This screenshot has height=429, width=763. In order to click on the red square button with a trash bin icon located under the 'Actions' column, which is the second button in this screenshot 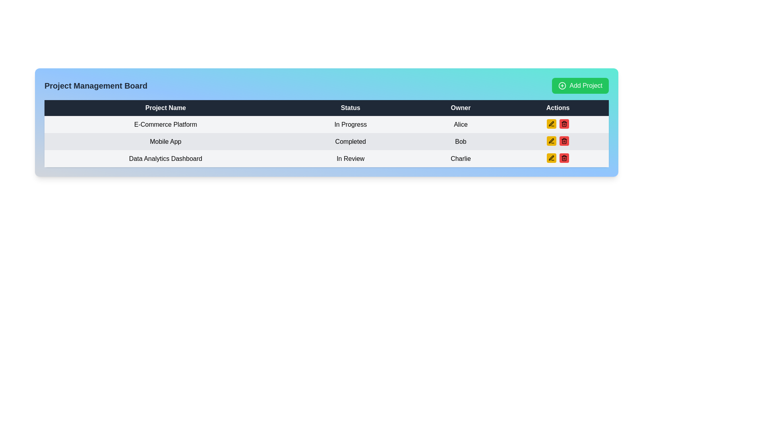, I will do `click(564, 158)`.